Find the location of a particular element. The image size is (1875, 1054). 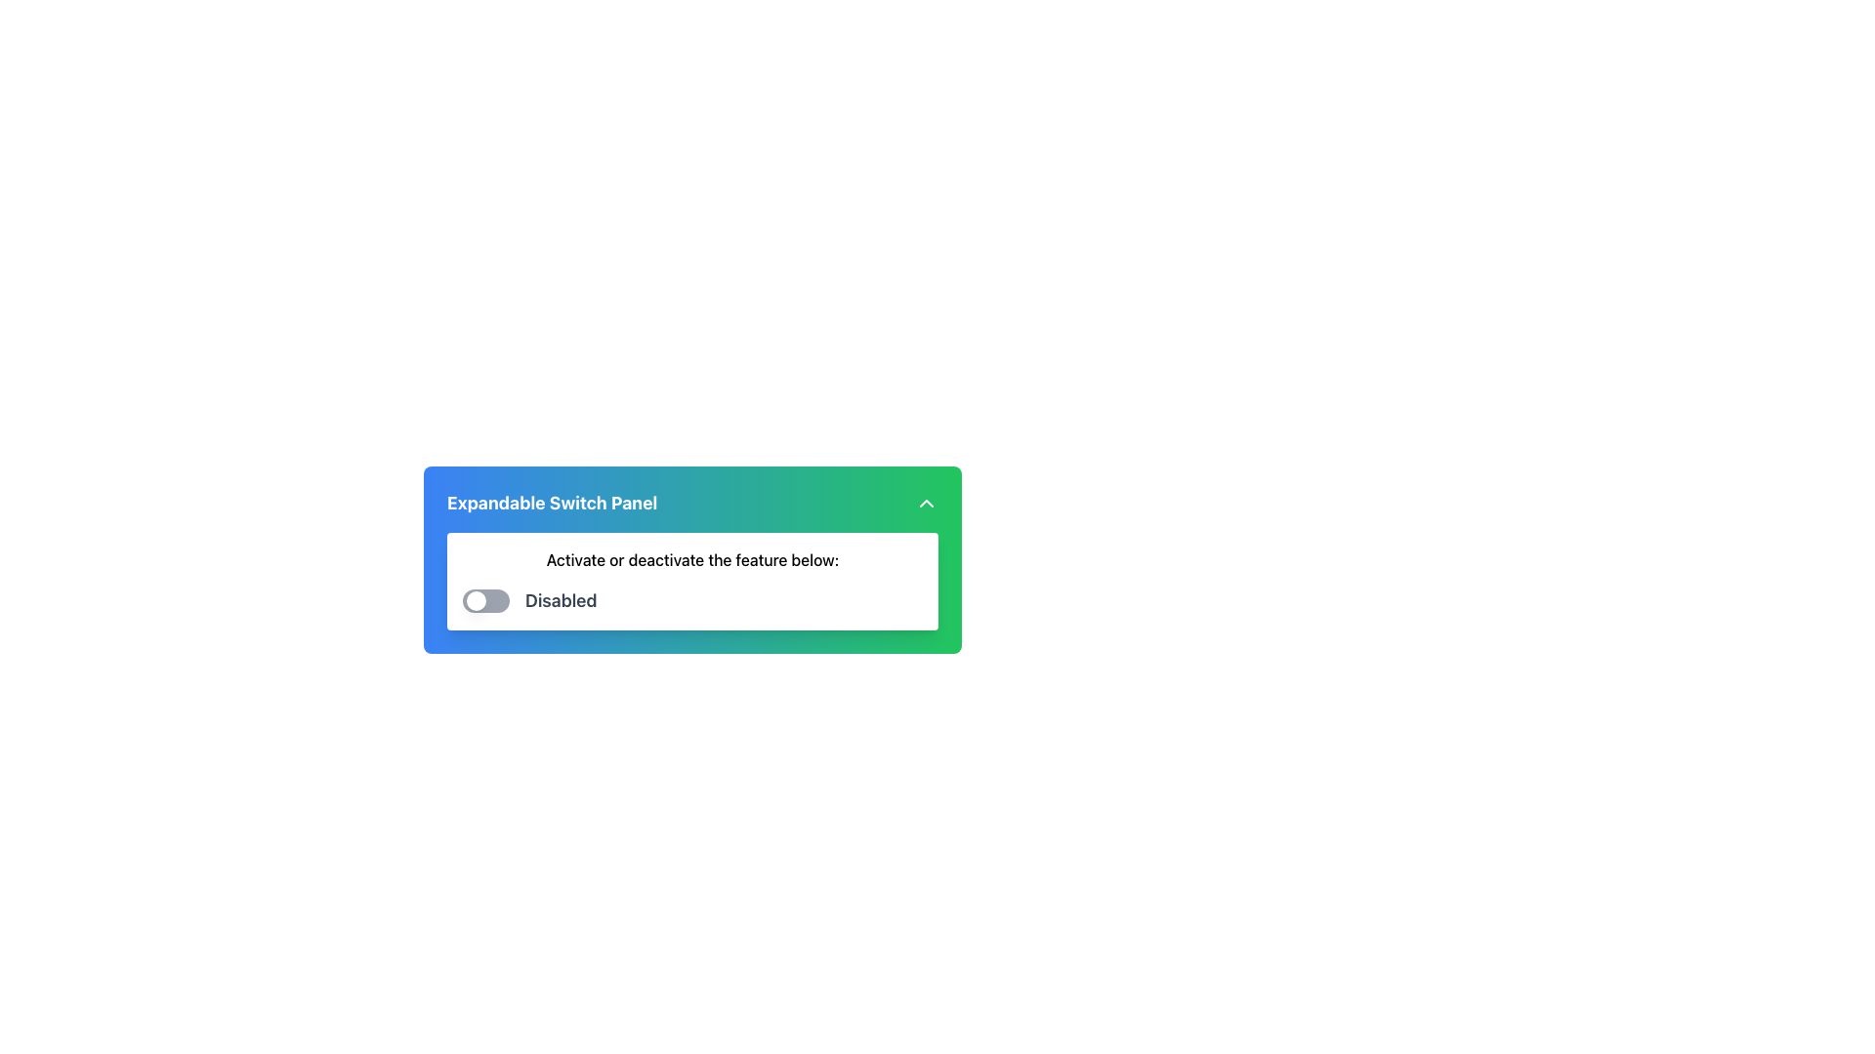

the text label displaying 'Expandable Switch Panel' in bold white font located at the top of the expandable panel component is located at coordinates (551, 503).